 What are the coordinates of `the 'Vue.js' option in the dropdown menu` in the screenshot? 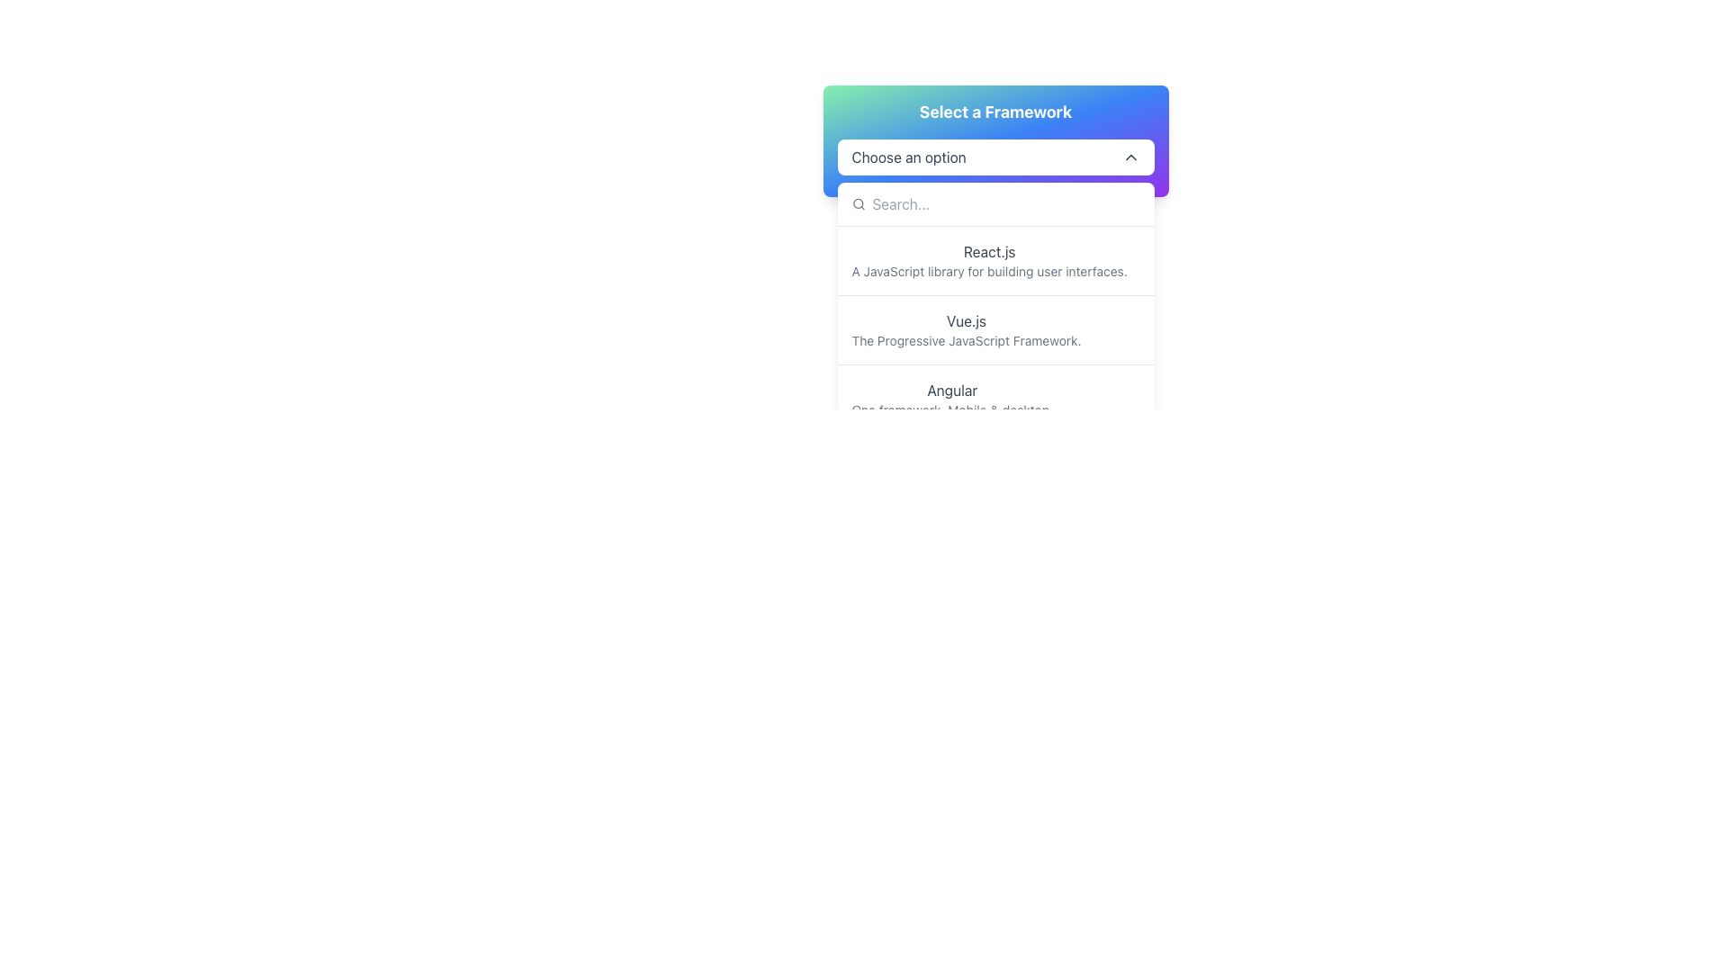 It's located at (966, 320).